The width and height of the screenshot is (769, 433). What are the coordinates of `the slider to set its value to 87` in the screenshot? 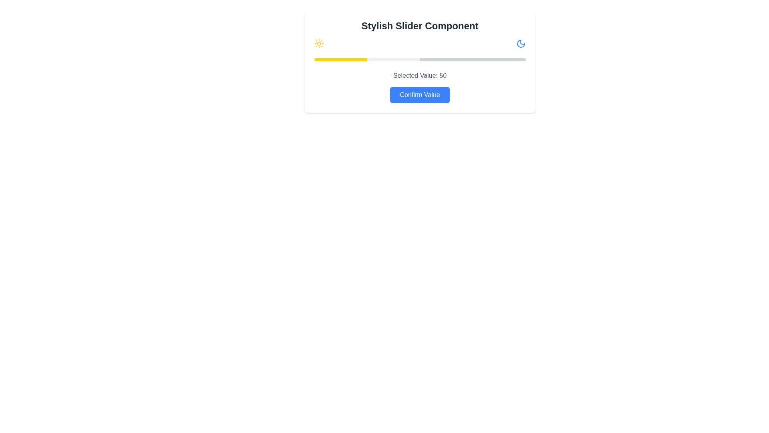 It's located at (497, 59).